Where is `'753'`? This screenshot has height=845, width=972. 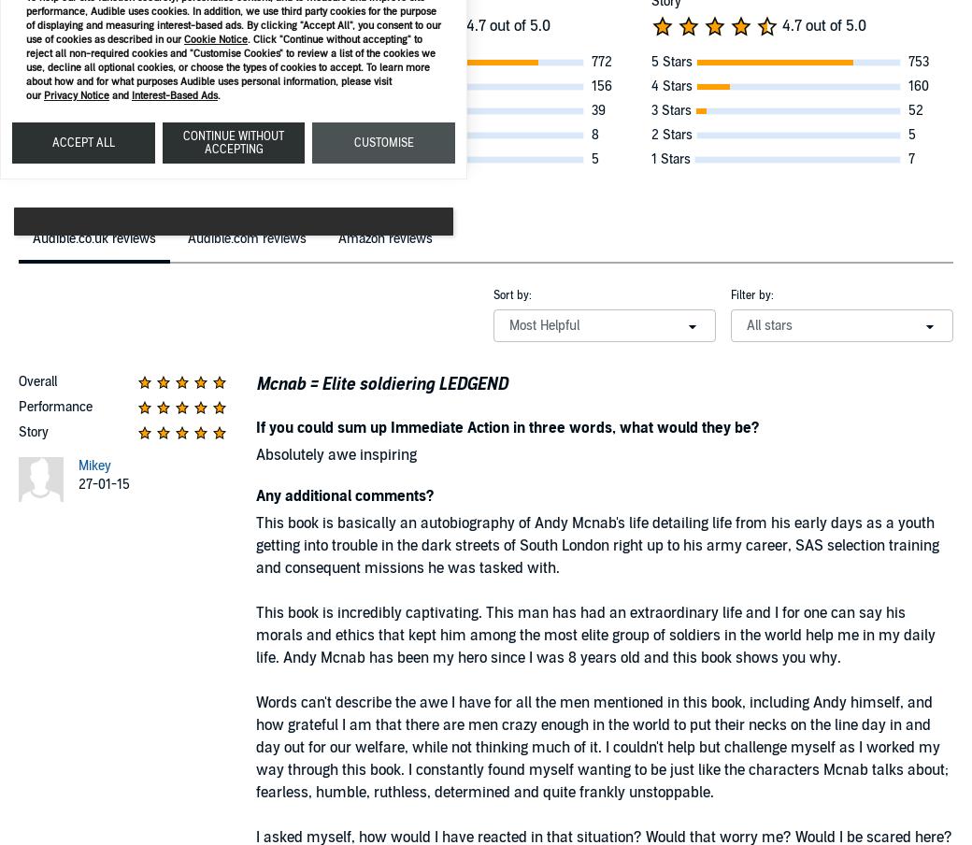 '753' is located at coordinates (917, 62).